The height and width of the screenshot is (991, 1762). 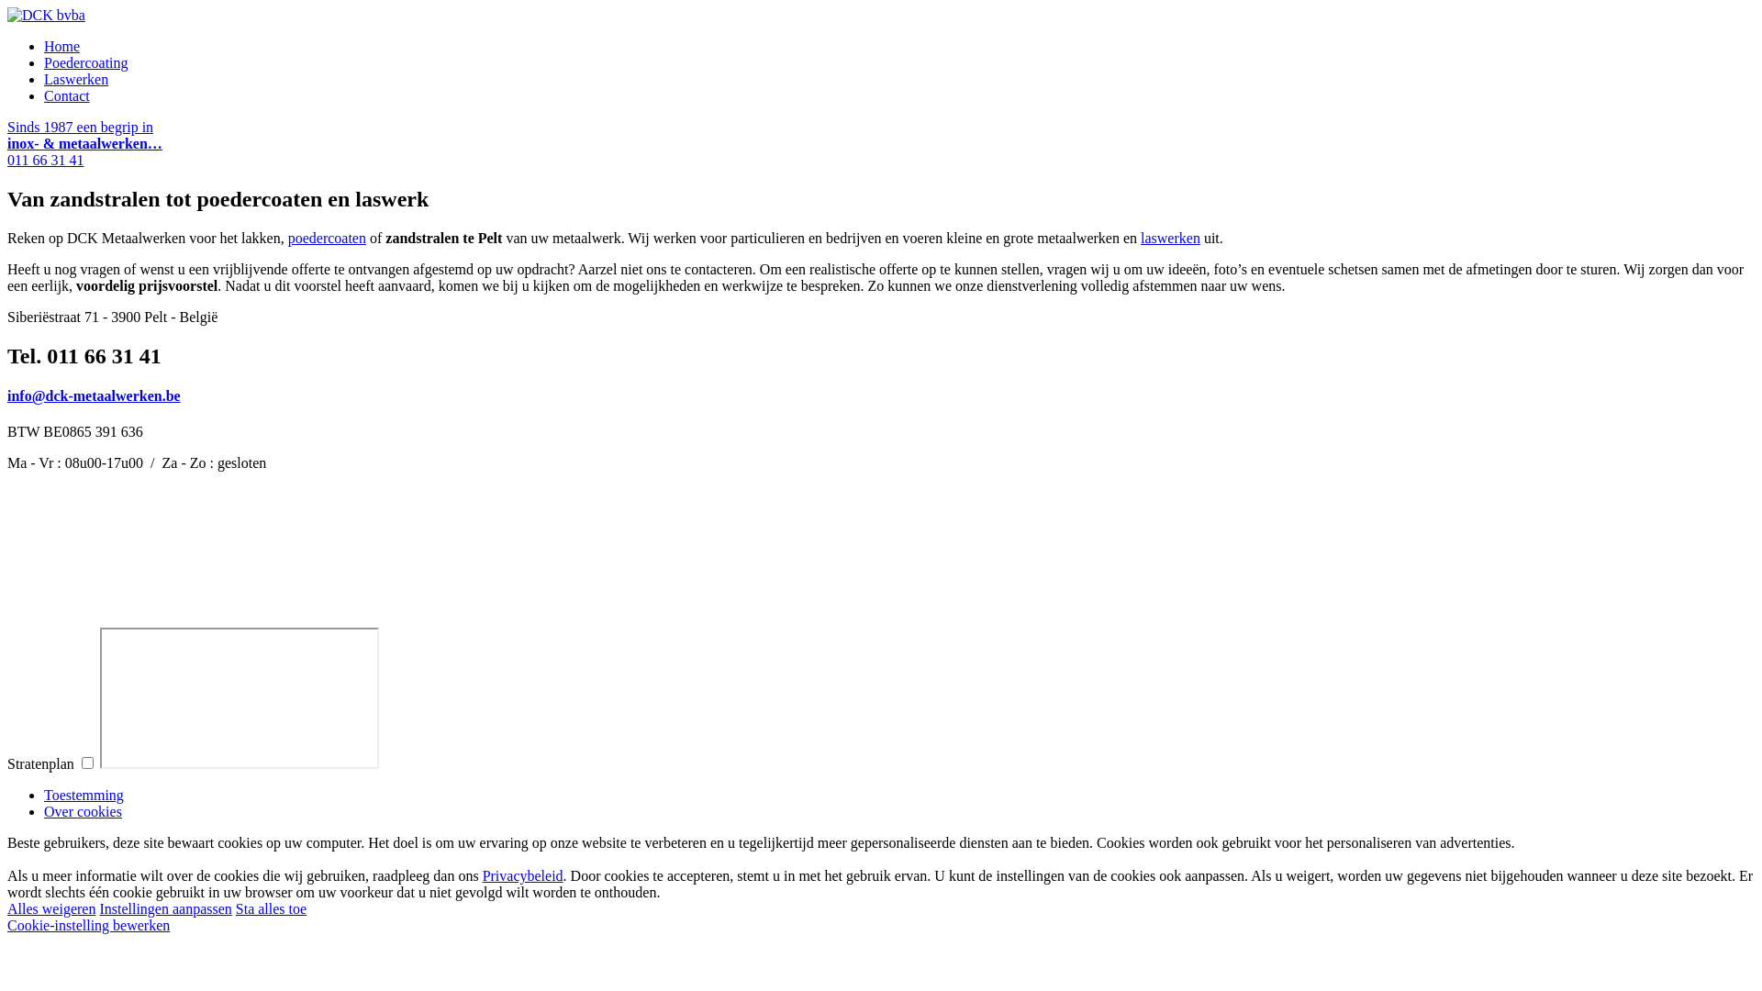 What do you see at coordinates (51, 908) in the screenshot?
I see `'Alles weigeren'` at bounding box center [51, 908].